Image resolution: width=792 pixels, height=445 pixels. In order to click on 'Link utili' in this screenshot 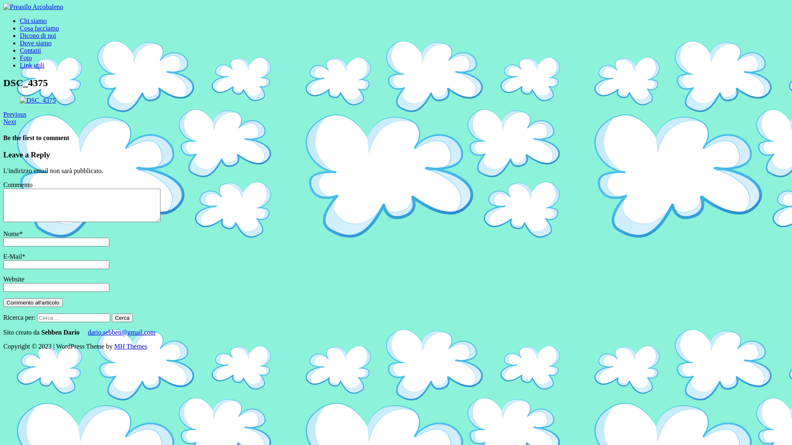, I will do `click(32, 65)`.